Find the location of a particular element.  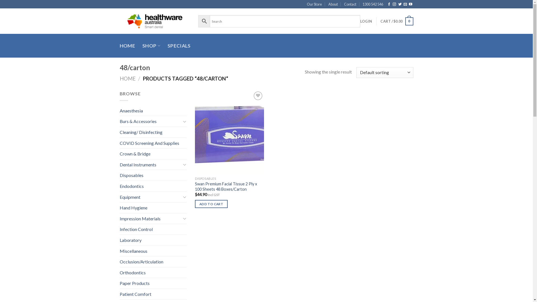

'Send us an email' is located at coordinates (404, 4).